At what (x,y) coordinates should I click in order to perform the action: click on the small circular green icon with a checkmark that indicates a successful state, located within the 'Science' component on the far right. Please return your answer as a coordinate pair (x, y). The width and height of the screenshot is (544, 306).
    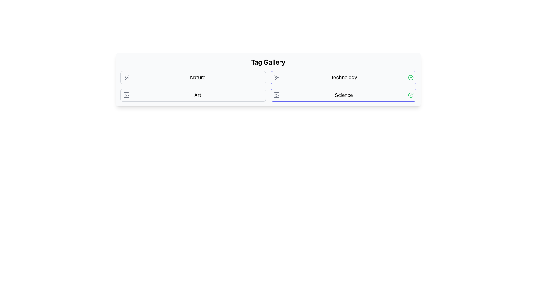
    Looking at the image, I should click on (411, 95).